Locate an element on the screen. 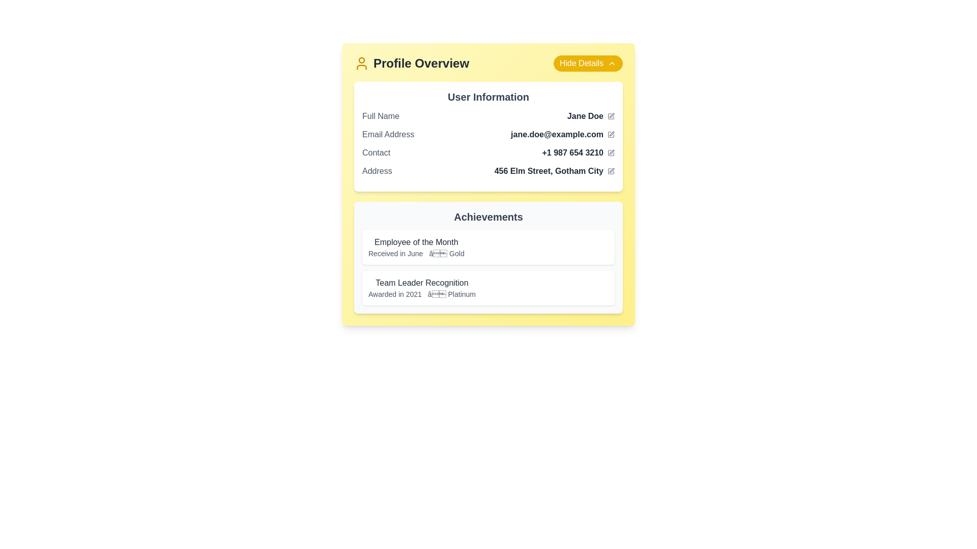 The height and width of the screenshot is (549, 977). details contained in the Text Label that describes the award details for 'Employee of the Month', including the timeframe and award level is located at coordinates (416, 253).